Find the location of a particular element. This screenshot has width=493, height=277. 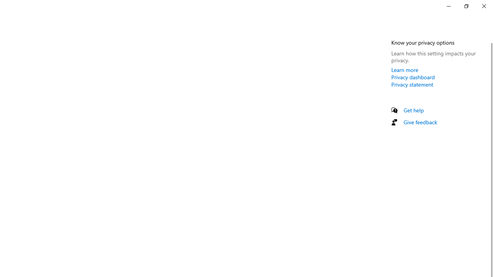

'Privacy statement' is located at coordinates (412, 84).